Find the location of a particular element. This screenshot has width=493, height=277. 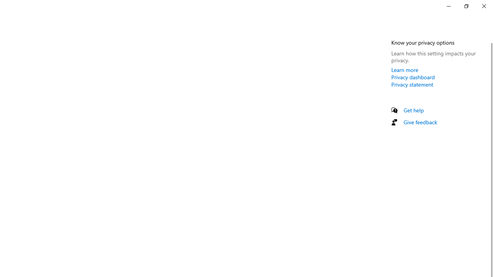

'Privacy statement' is located at coordinates (412, 84).